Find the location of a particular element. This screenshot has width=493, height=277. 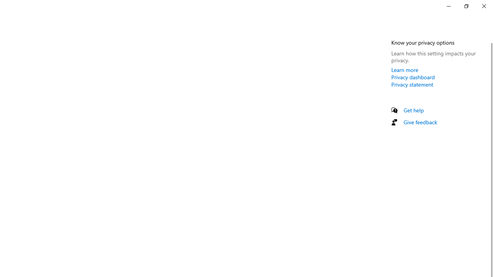

'Privacy statement' is located at coordinates (412, 84).